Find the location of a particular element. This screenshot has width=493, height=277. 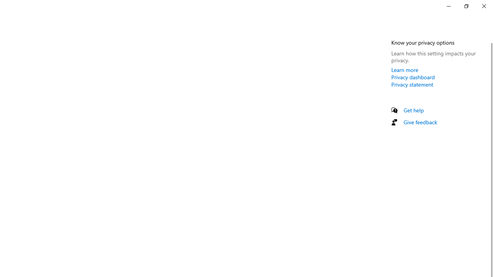

'Privacy statement' is located at coordinates (412, 84).